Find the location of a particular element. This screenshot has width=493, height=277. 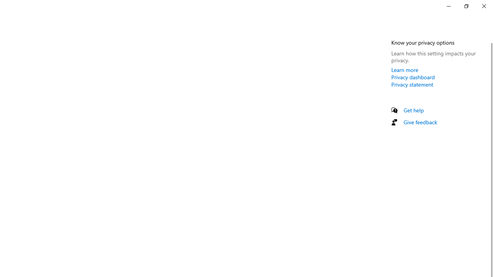

'Privacy statement' is located at coordinates (412, 84).